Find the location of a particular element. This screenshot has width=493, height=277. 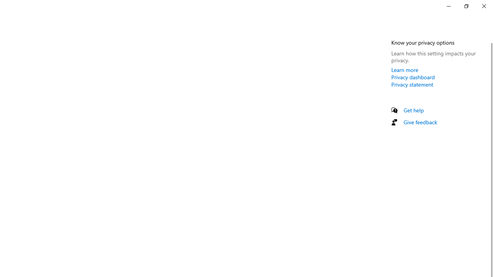

'Privacy statement' is located at coordinates (412, 84).